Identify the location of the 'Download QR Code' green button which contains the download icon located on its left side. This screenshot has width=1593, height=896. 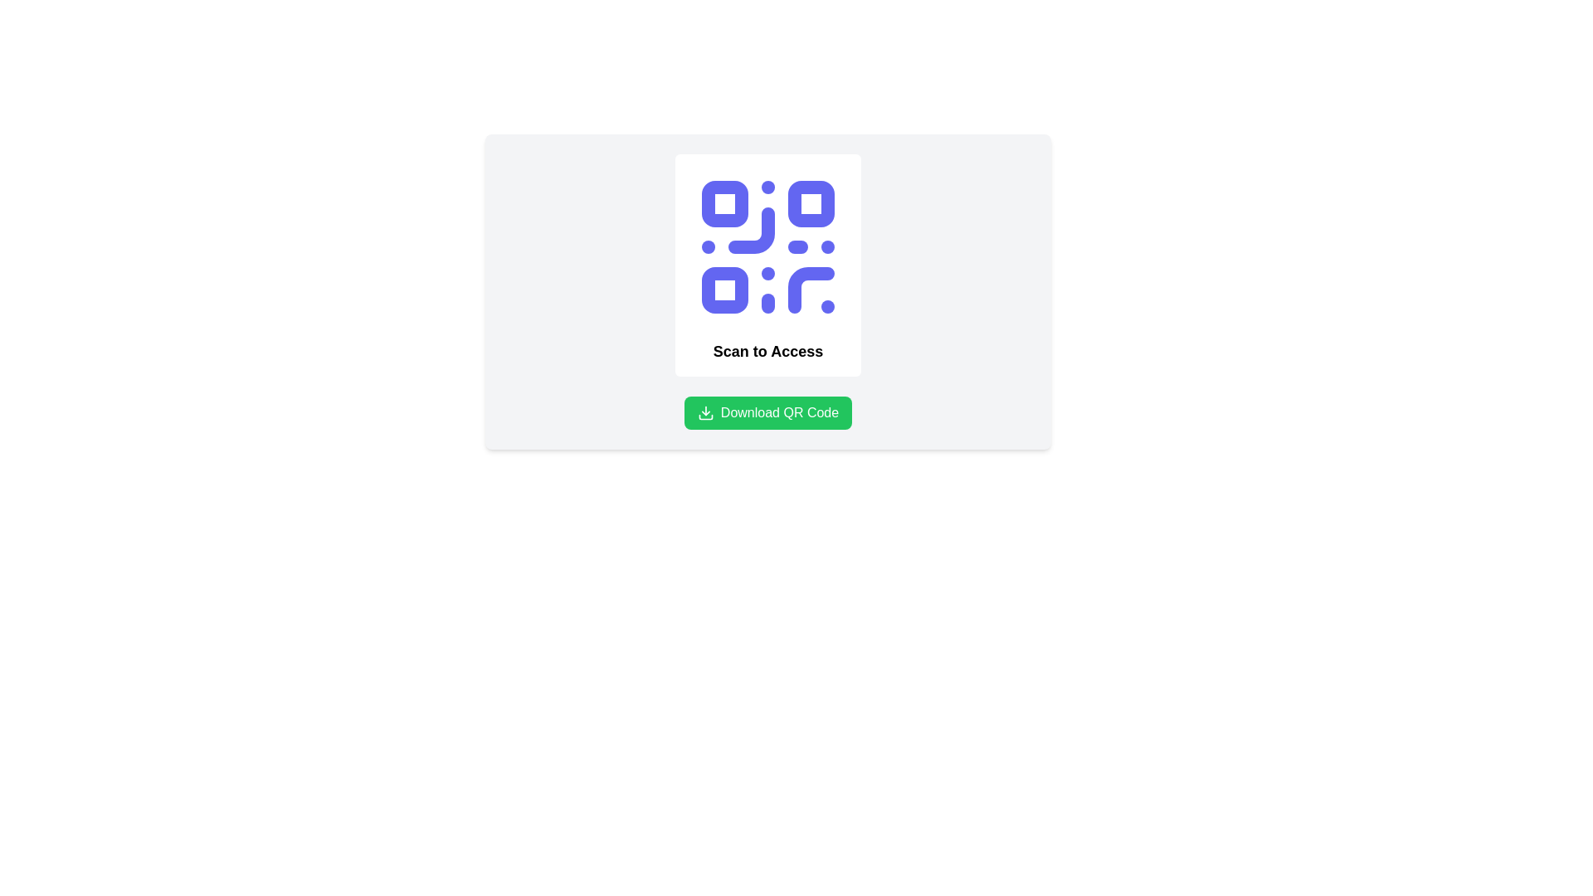
(705, 411).